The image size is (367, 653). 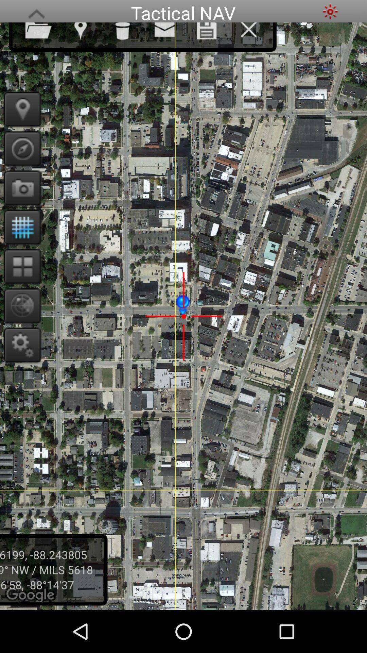 What do you see at coordinates (20, 345) in the screenshot?
I see `app settings` at bounding box center [20, 345].